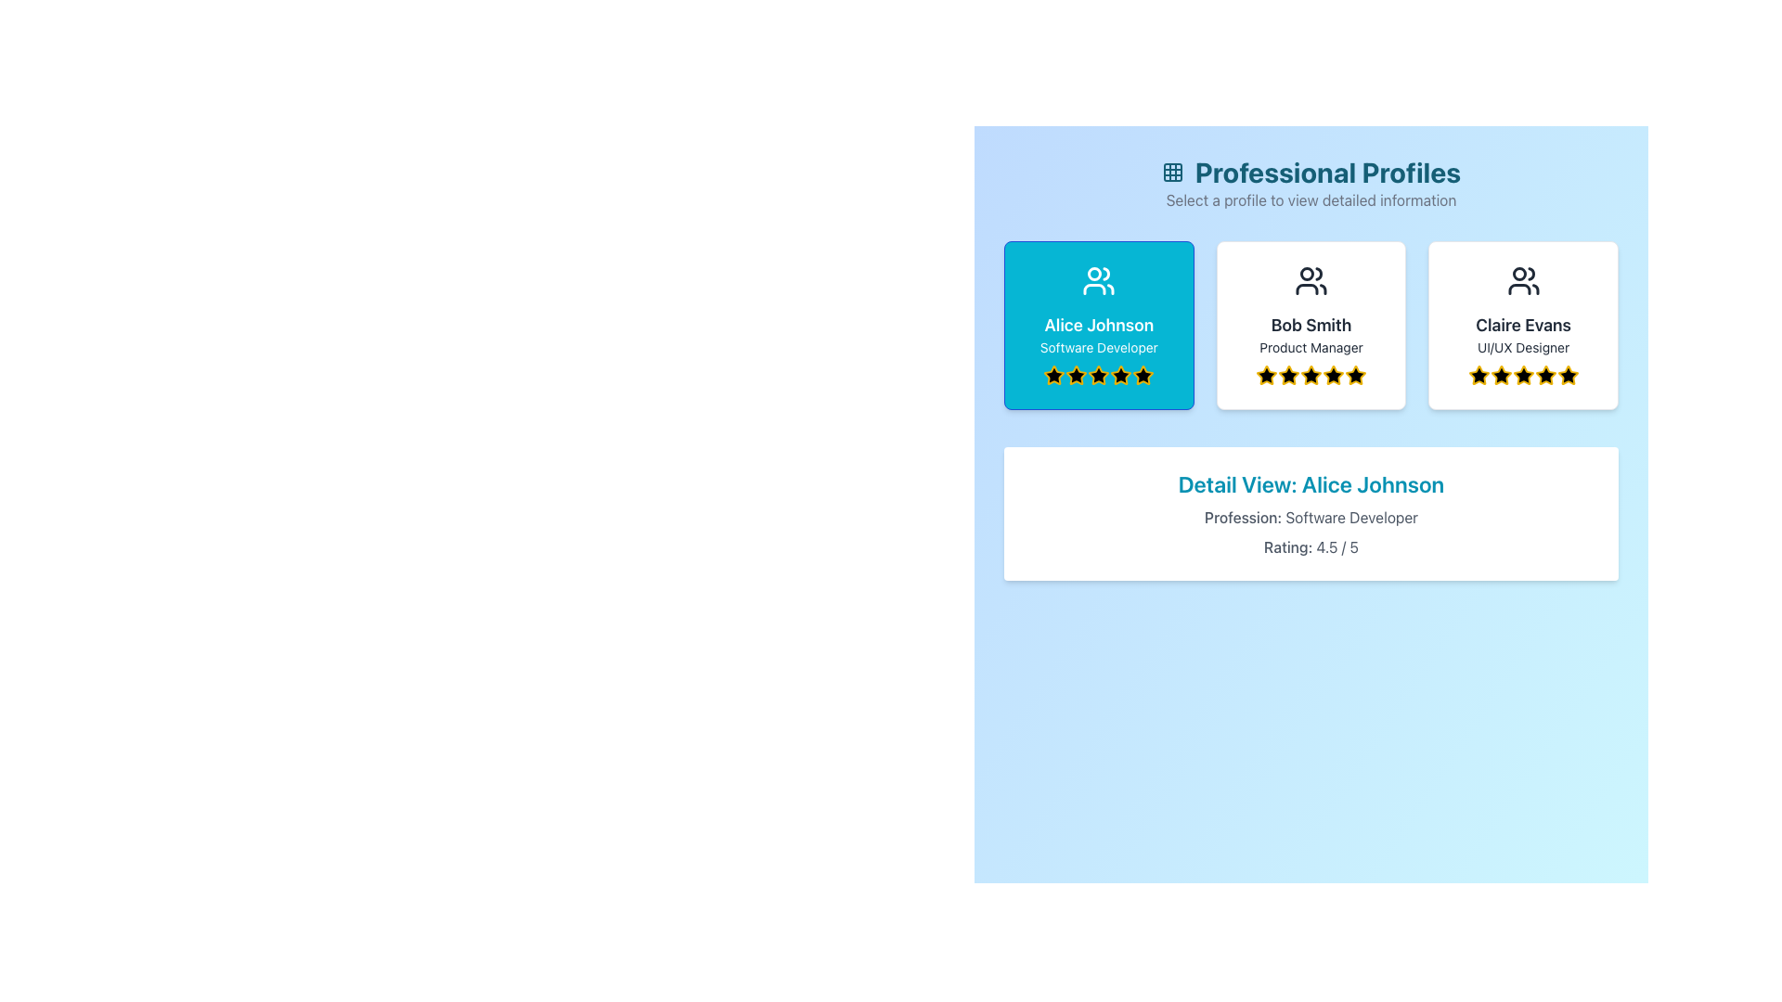  Describe the element at coordinates (1264, 376) in the screenshot. I see `the second star icon, which has a yellow outline and black fill, to interpret its role in the rating system` at that location.